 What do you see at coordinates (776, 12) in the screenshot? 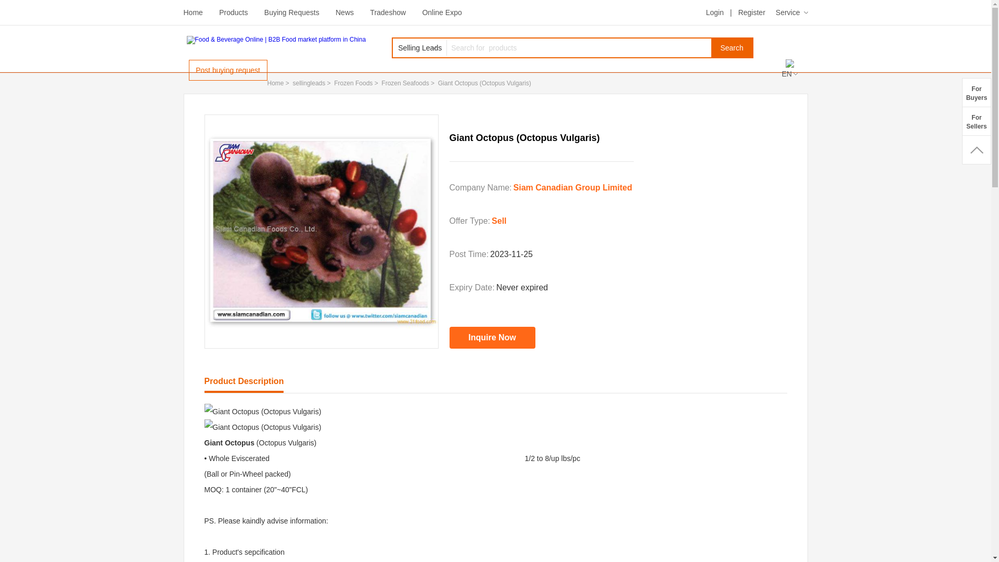
I see `'Service'` at bounding box center [776, 12].